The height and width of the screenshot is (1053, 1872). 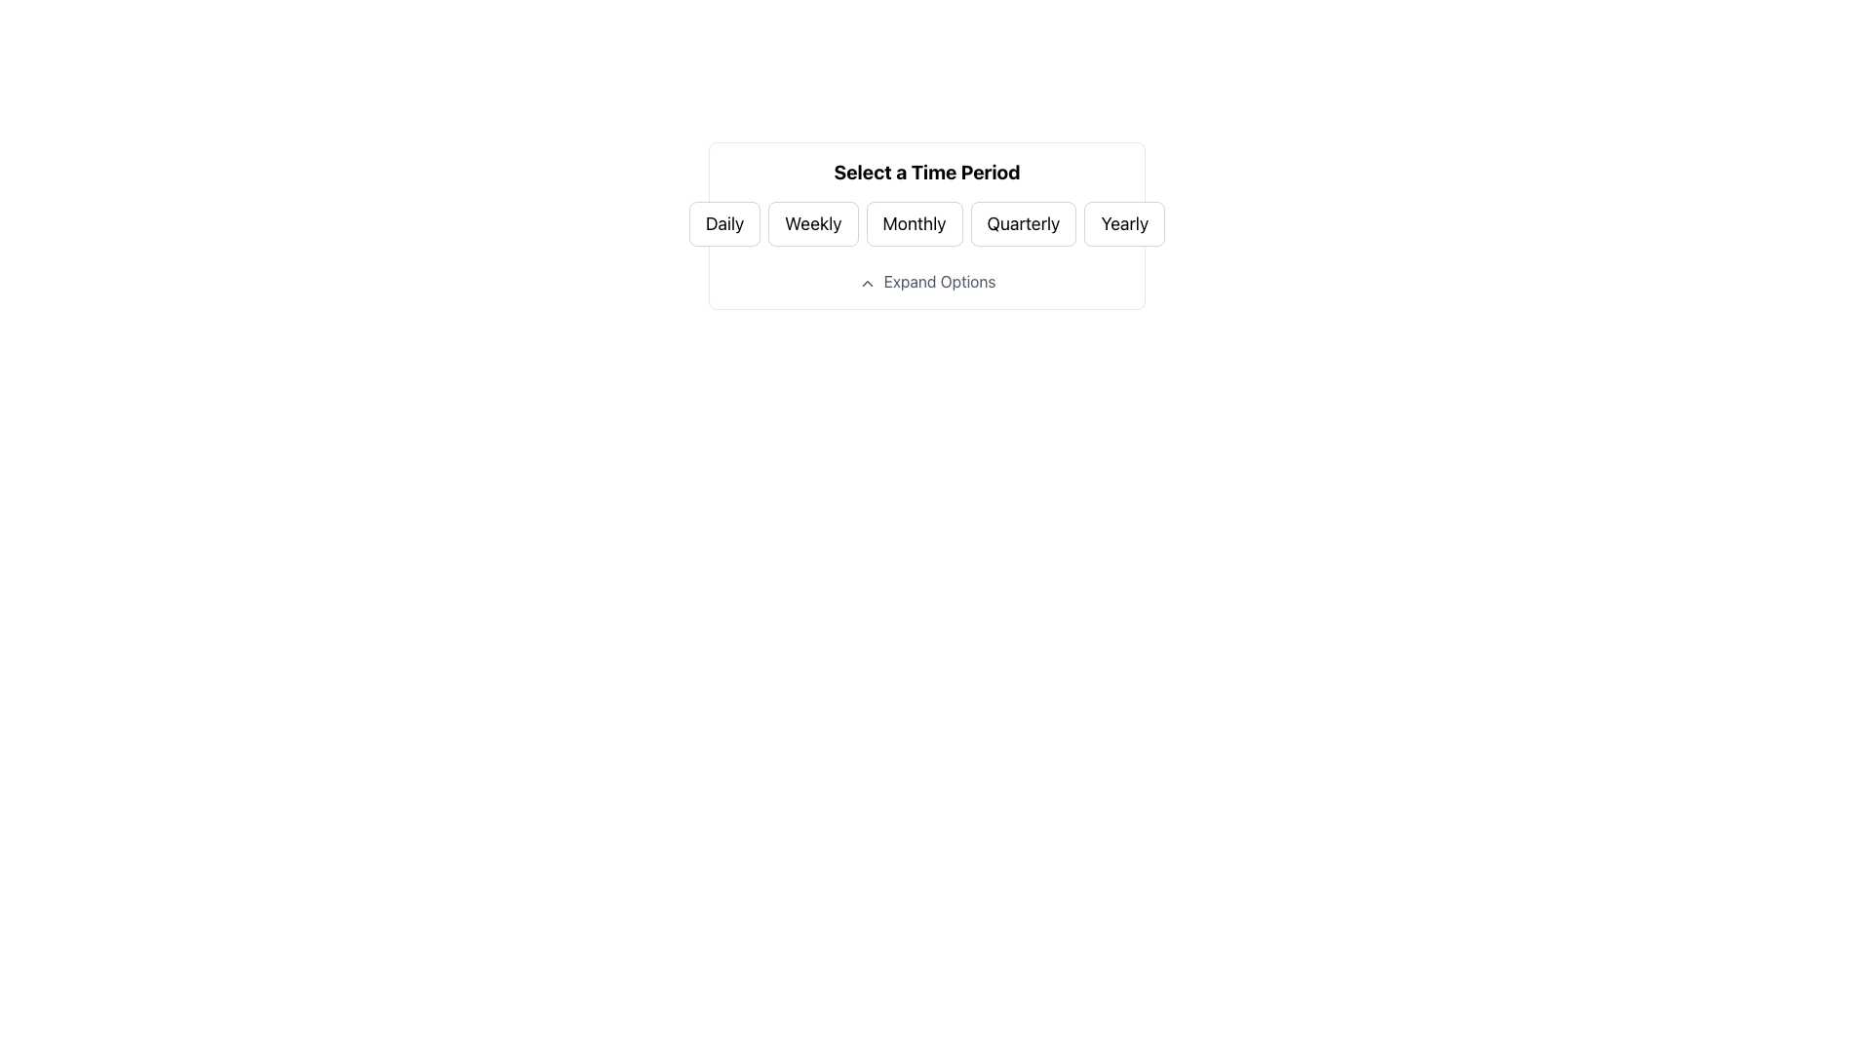 I want to click on the text label that toggles the expansion of additional options, located centrally below the time period selection buttons, so click(x=940, y=282).